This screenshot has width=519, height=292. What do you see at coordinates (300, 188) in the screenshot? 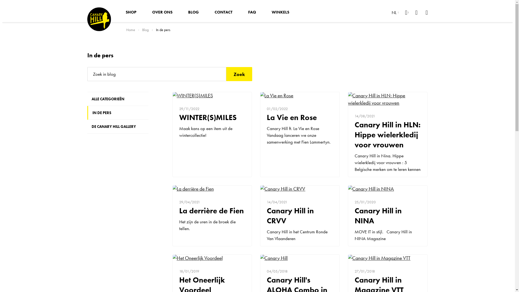
I see `'Canary Hill in CRVV'` at bounding box center [300, 188].